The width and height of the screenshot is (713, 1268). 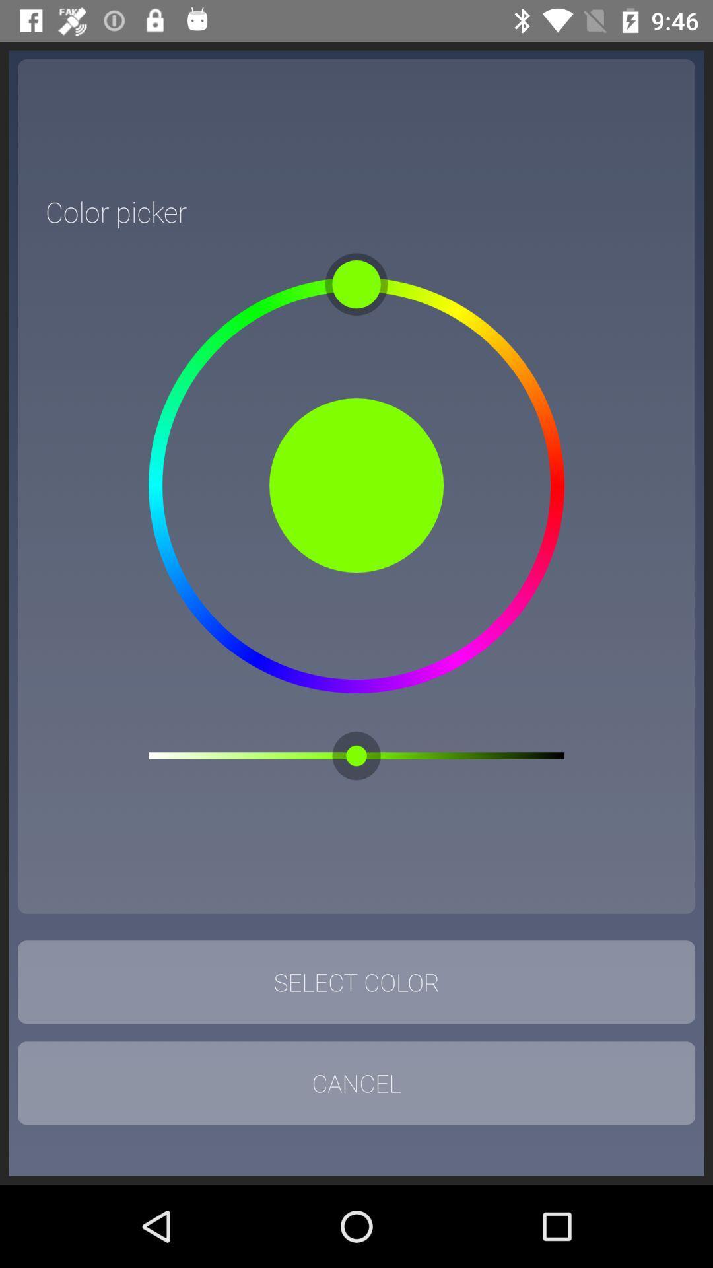 What do you see at coordinates (356, 1083) in the screenshot?
I see `the item below select color icon` at bounding box center [356, 1083].